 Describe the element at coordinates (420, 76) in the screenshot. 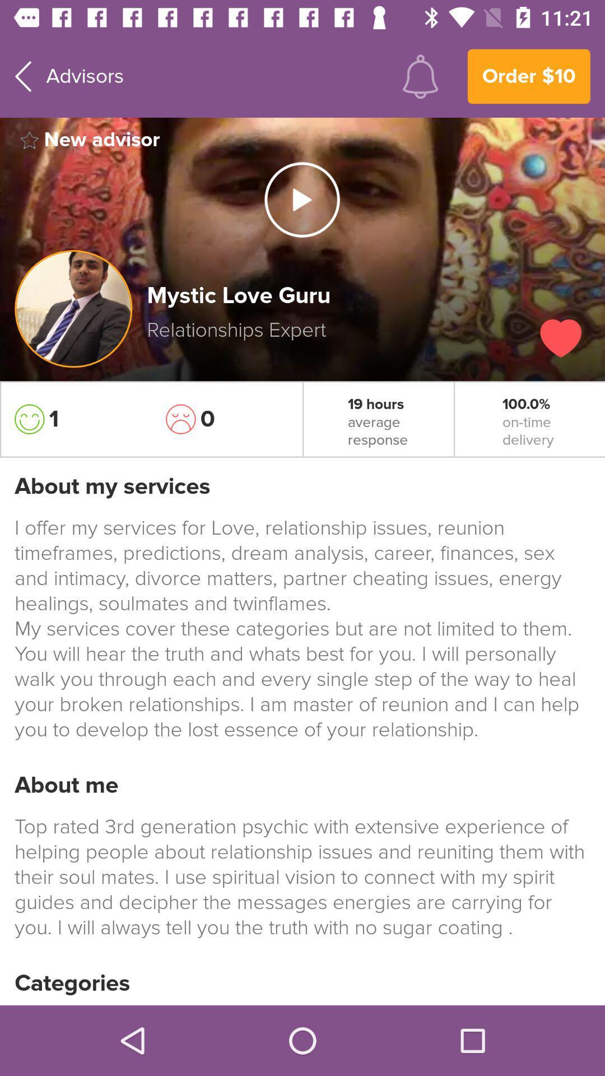

I see `the item next to order $10` at that location.